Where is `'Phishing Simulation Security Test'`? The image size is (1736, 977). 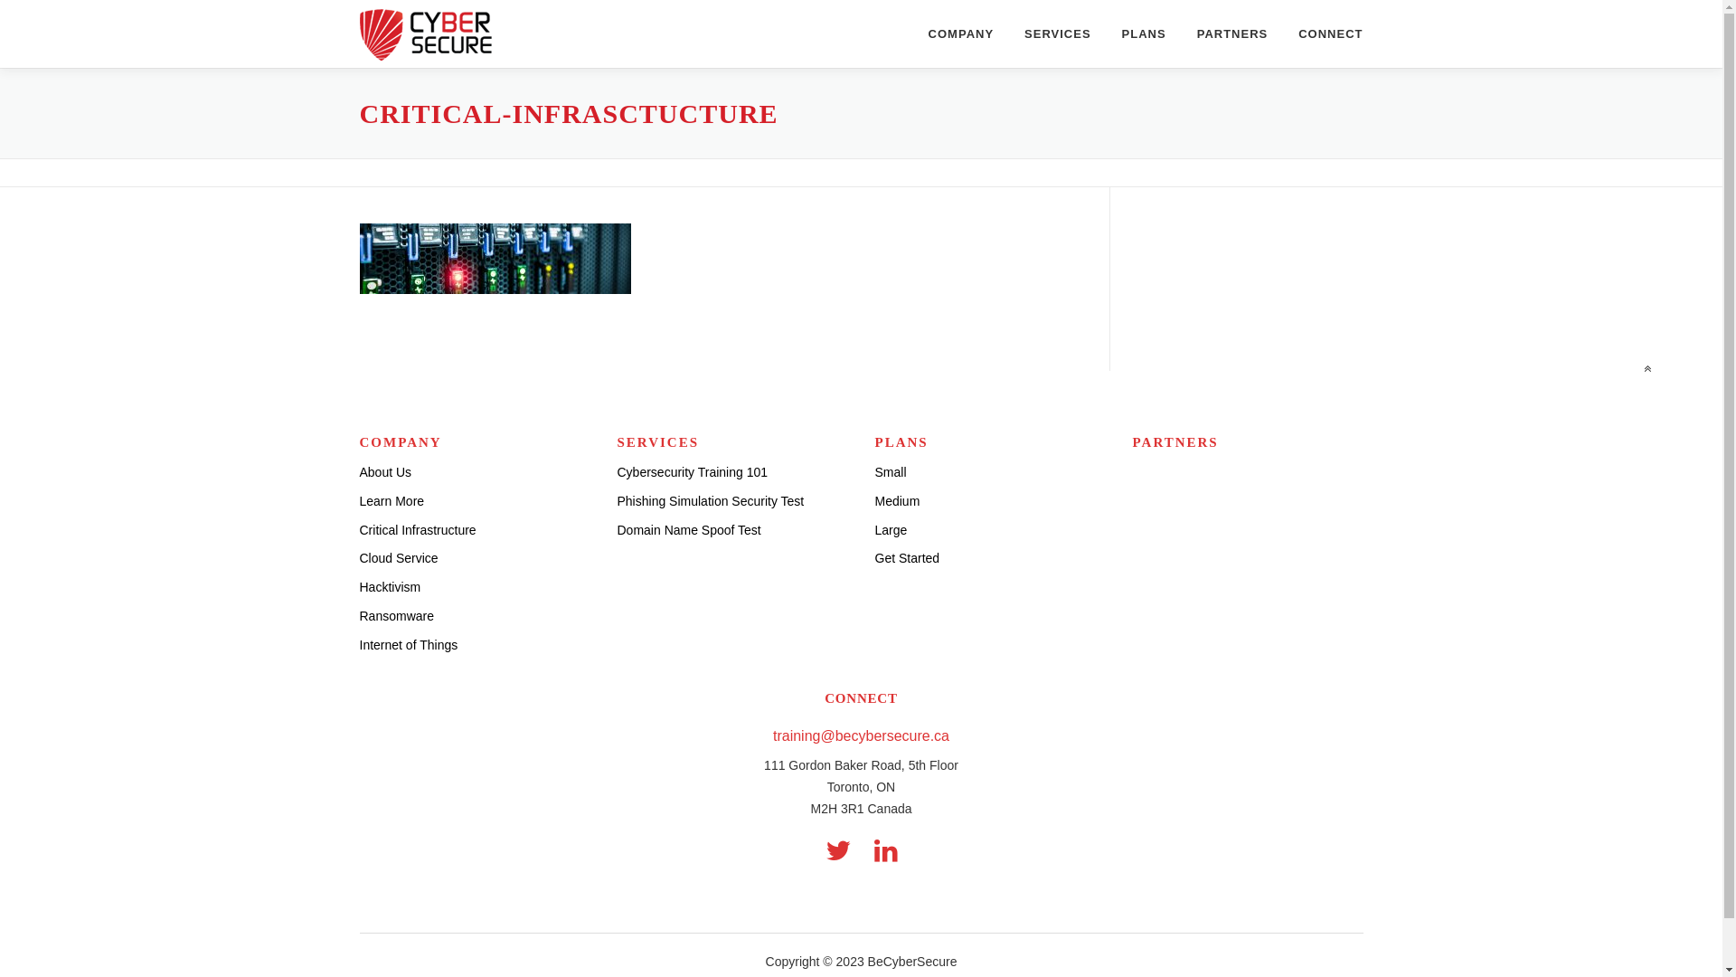
'Phishing Simulation Security Test' is located at coordinates (709, 501).